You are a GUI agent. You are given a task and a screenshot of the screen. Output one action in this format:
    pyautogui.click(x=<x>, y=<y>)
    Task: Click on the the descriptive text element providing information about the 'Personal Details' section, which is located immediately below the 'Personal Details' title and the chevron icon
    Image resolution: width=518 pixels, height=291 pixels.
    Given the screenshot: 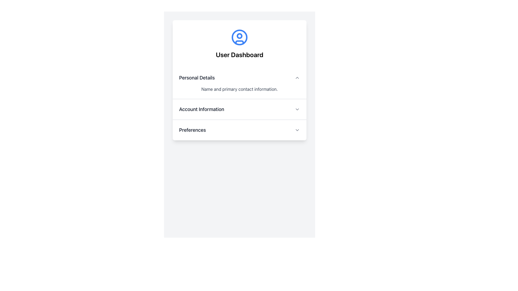 What is the action you would take?
    pyautogui.click(x=239, y=89)
    